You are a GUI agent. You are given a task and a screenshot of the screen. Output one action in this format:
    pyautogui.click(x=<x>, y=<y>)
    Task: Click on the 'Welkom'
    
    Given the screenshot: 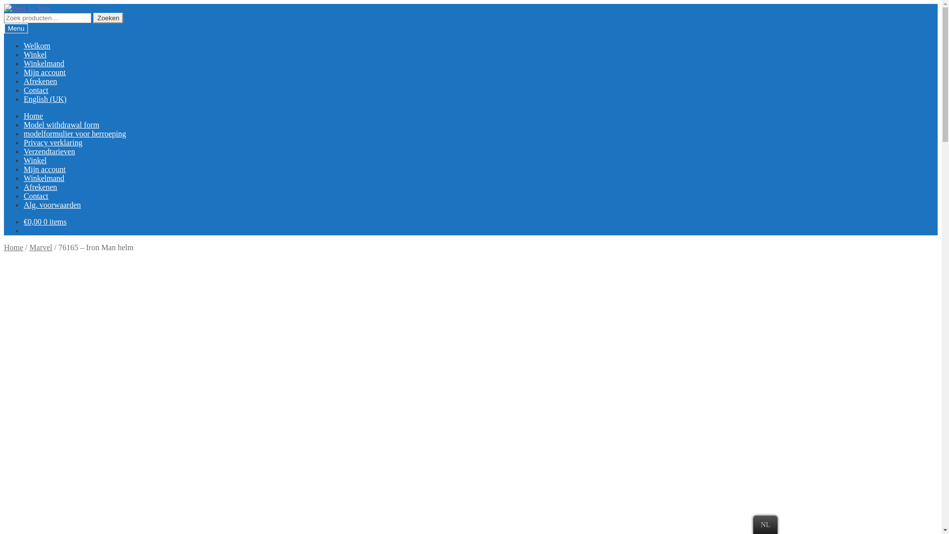 What is the action you would take?
    pyautogui.click(x=37, y=45)
    